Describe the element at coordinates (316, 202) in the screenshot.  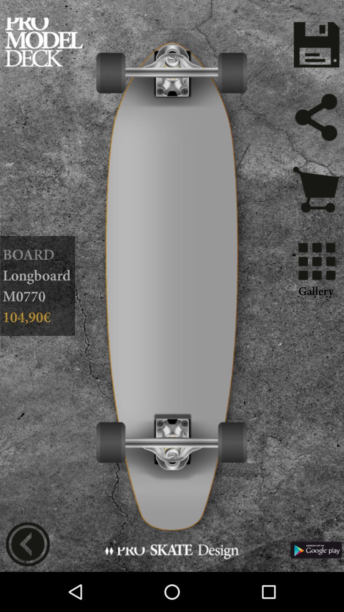
I see `the cart icon` at that location.